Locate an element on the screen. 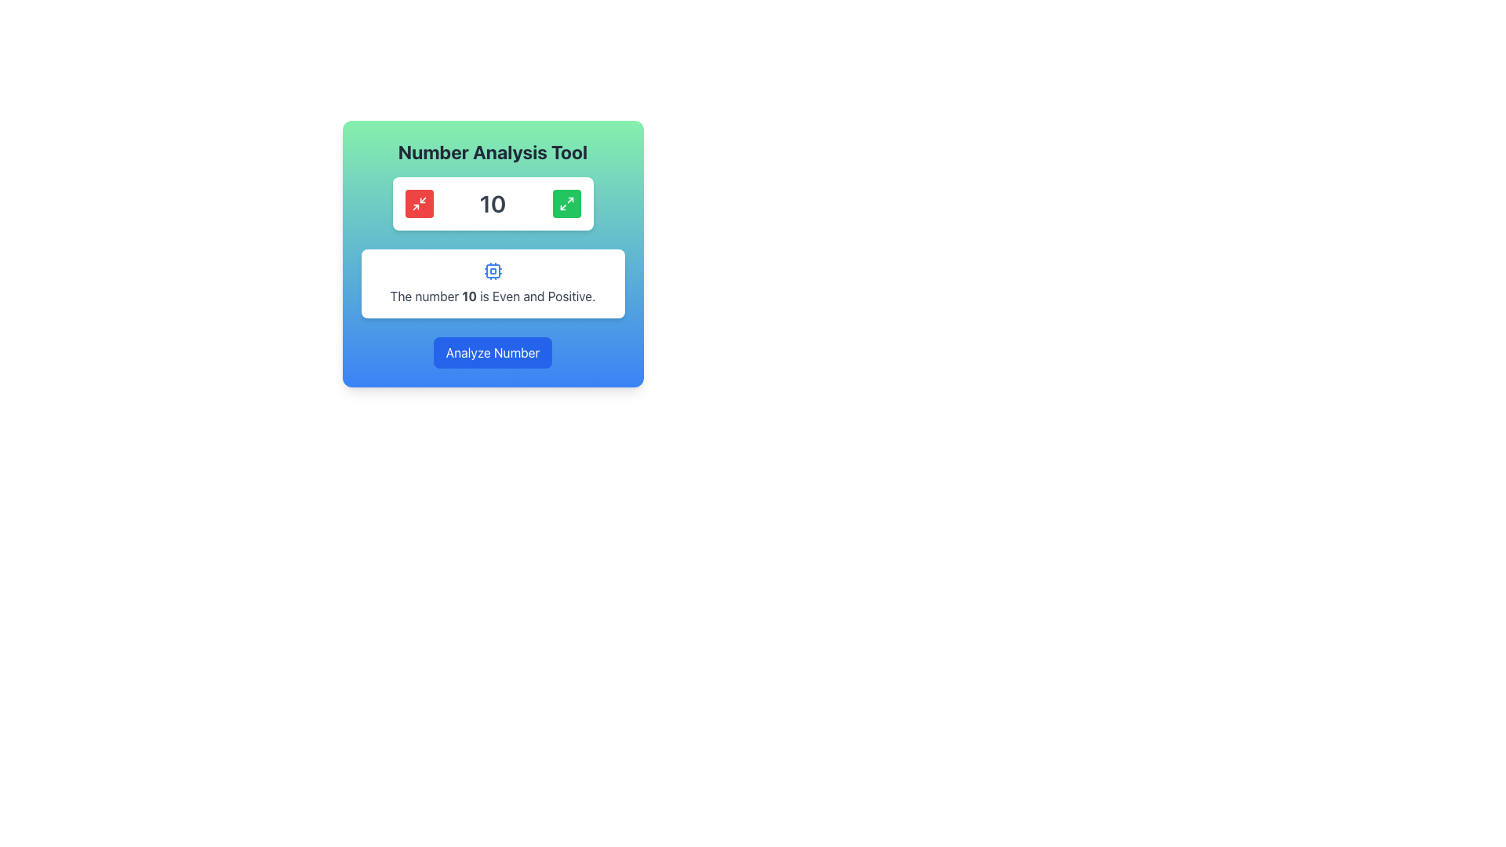 The width and height of the screenshot is (1506, 847). the maximize icon located within the grouped component that includes a title, icons, text, and a button, to increase the displayed number is located at coordinates (492, 253).